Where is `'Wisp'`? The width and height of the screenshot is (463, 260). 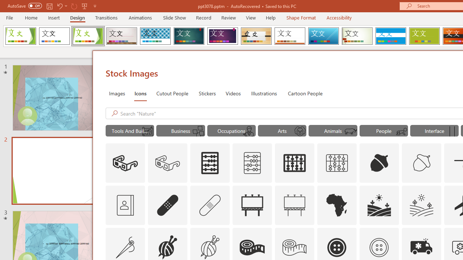
'Wisp' is located at coordinates (357, 36).